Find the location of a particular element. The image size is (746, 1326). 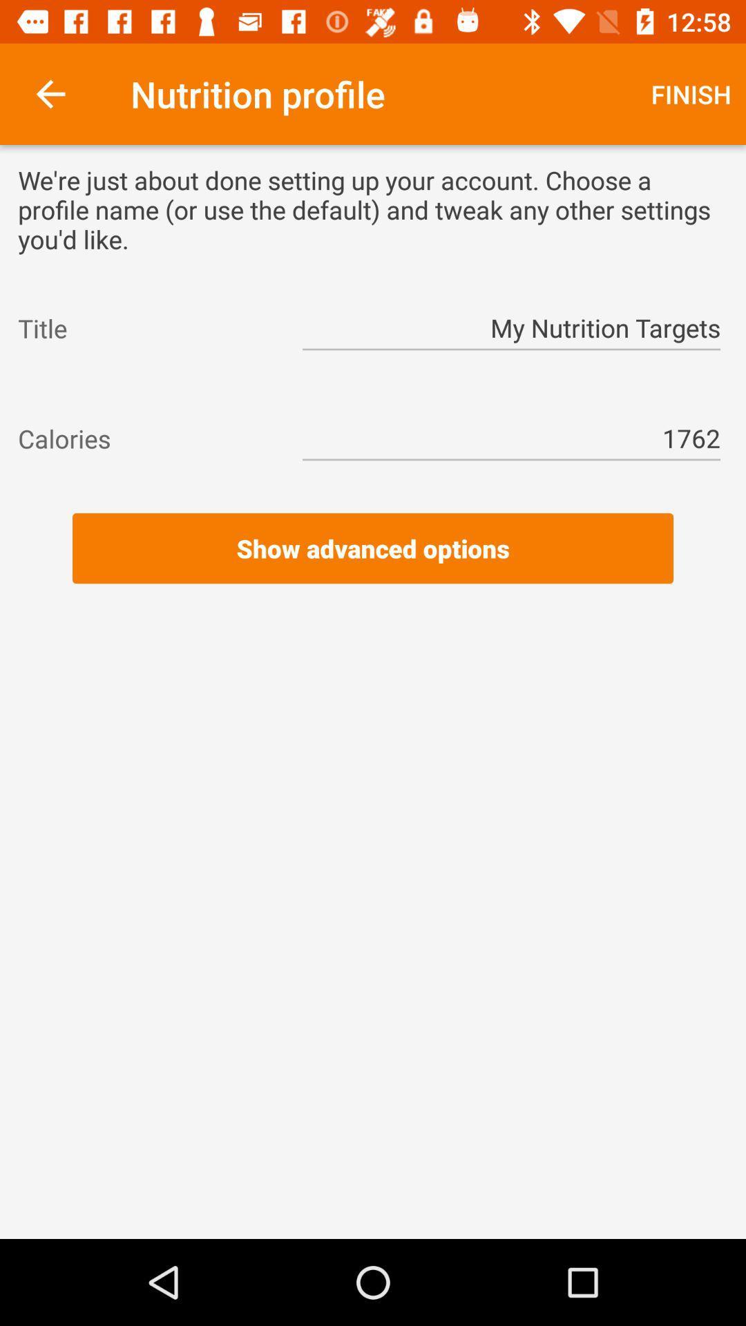

the item above the we re just item is located at coordinates (691, 93).